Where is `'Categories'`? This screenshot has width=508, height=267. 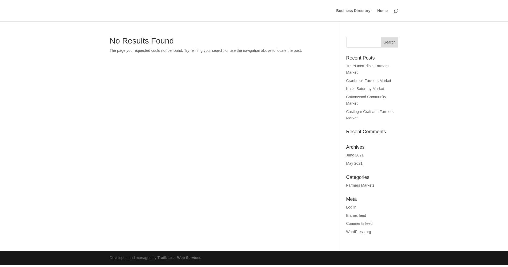 'Categories' is located at coordinates (357, 177).